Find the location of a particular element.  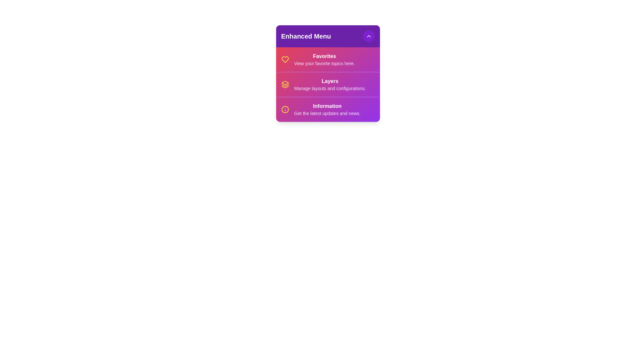

the menu item Favorites by clicking on it is located at coordinates (328, 60).